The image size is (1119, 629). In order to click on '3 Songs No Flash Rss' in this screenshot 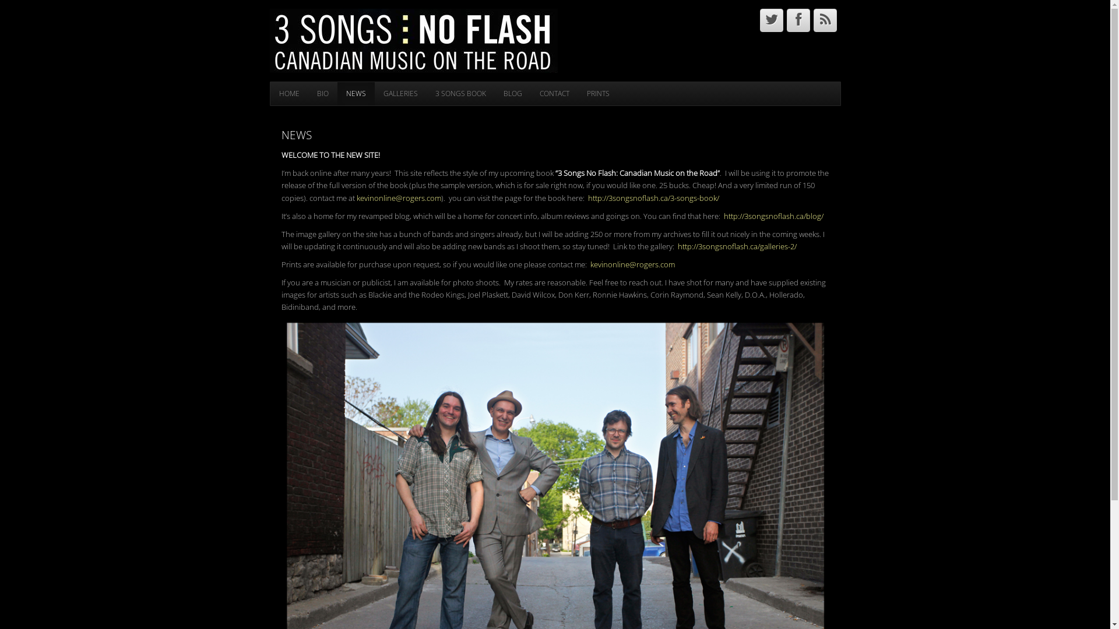, I will do `click(825, 20)`.